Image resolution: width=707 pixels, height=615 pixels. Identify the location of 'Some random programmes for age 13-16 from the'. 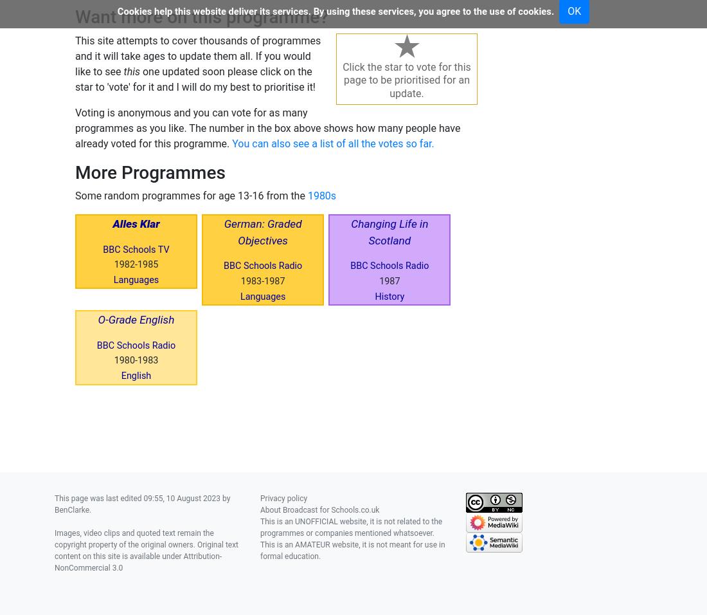
(190, 195).